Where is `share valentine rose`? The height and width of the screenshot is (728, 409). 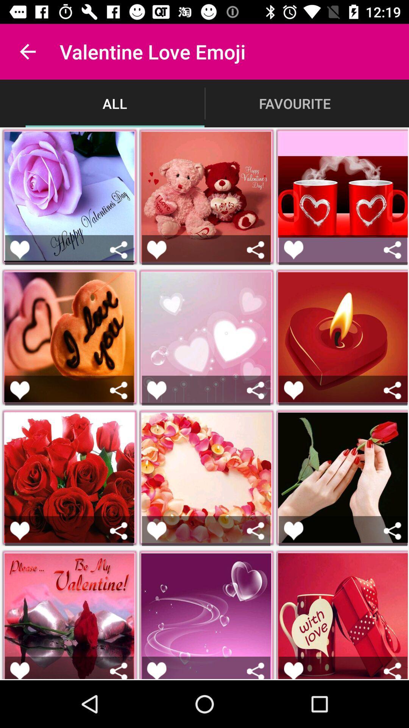 share valentine rose is located at coordinates (119, 670).